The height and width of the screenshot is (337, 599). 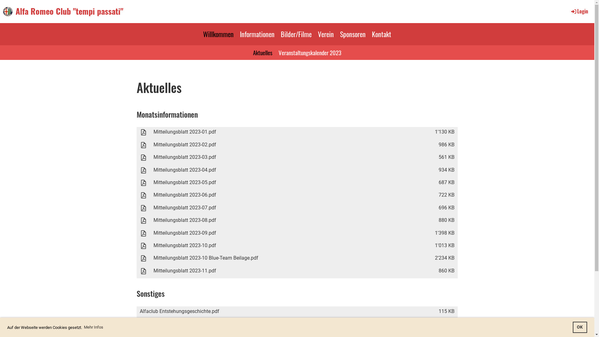 What do you see at coordinates (69, 11) in the screenshot?
I see `'Alfa Romeo Club "tempi passati"'` at bounding box center [69, 11].